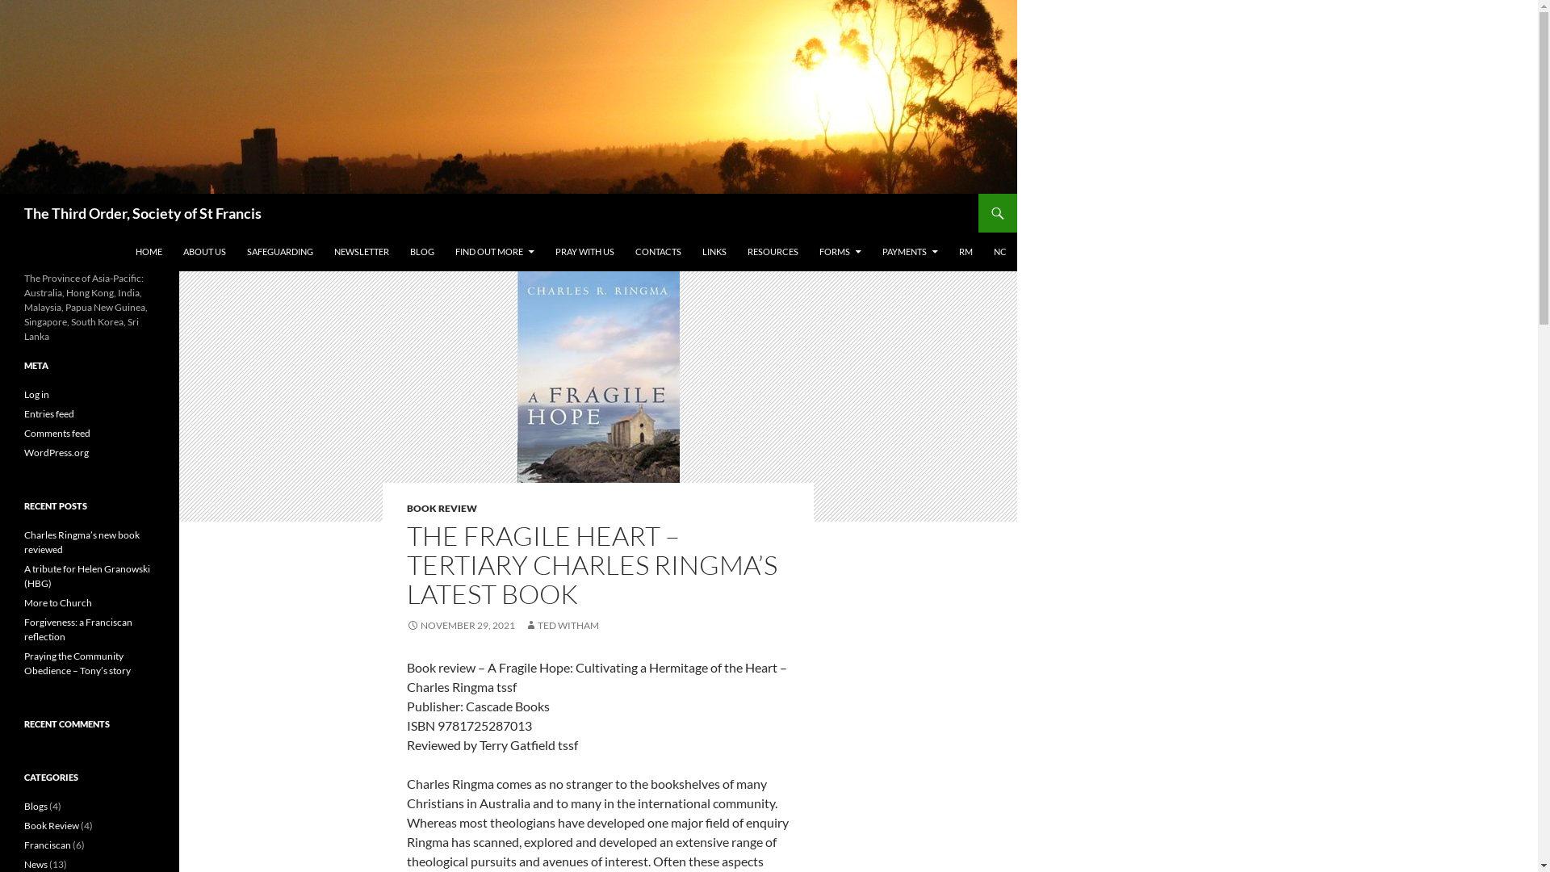 The height and width of the screenshot is (872, 1550). What do you see at coordinates (77, 628) in the screenshot?
I see `'Forgiveness: a Franciscan reflection'` at bounding box center [77, 628].